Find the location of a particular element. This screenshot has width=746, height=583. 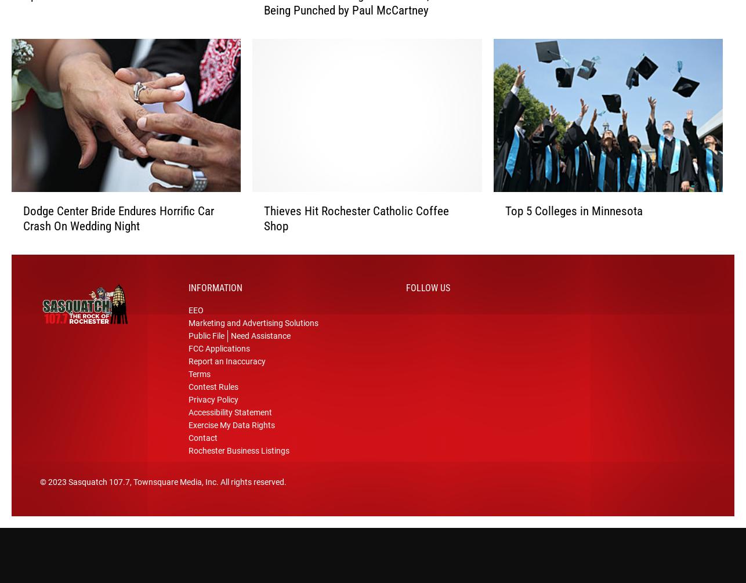

'Thieves Hit Rochester Catholic Coffee Shop' is located at coordinates (356, 223).